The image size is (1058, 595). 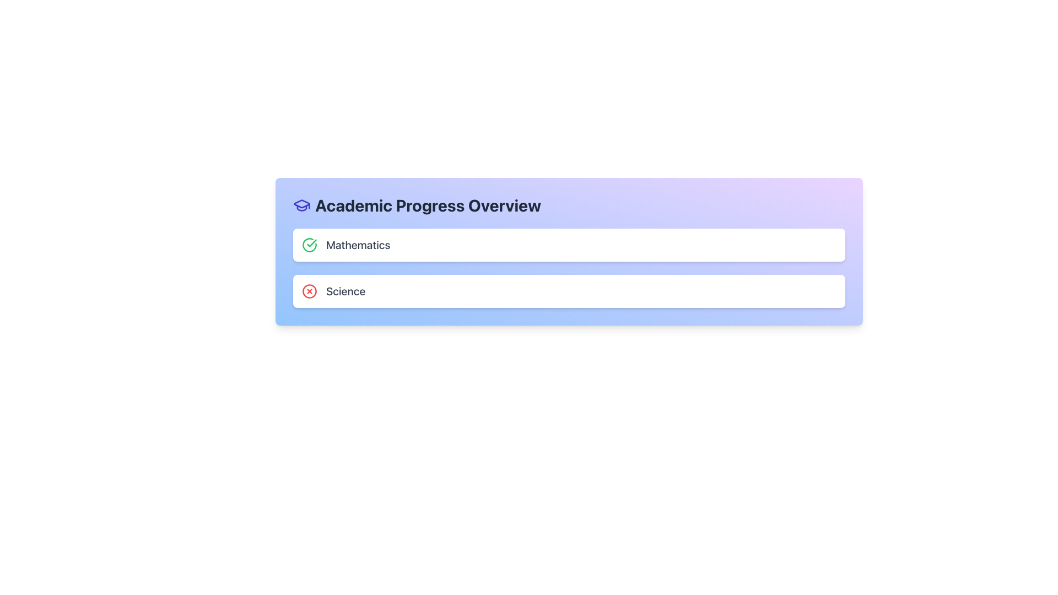 I want to click on the text label 'Mathematics' which is the first row in a list, accompanied by a green checkmark icon, so click(x=346, y=244).